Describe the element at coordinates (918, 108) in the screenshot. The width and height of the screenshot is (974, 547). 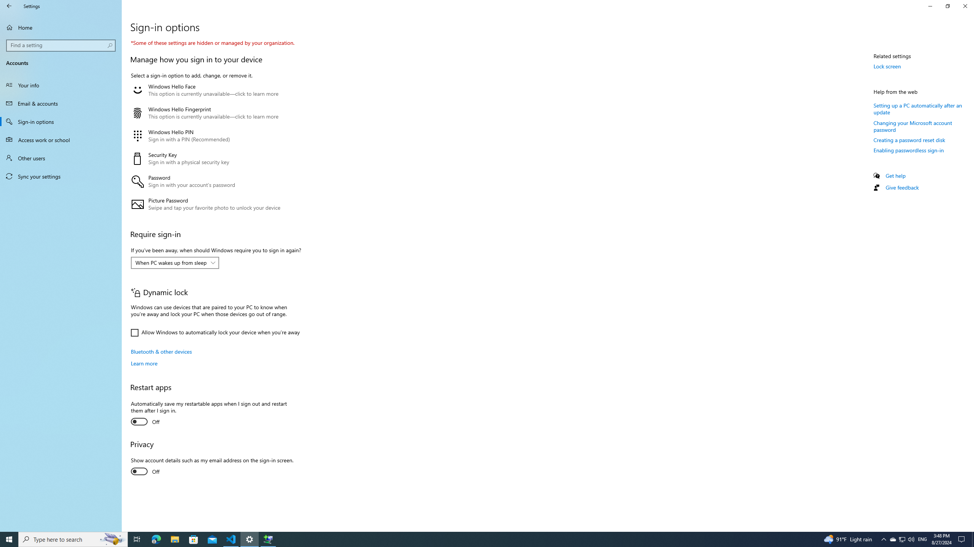
I see `'Setting up a PC automatically after an update'` at that location.